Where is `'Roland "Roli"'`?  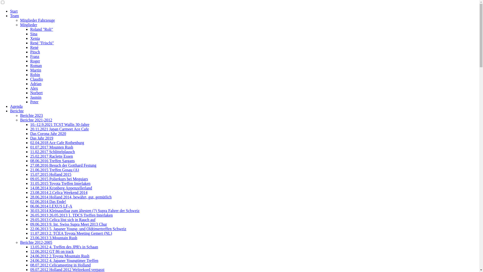 'Roland "Roli"' is located at coordinates (42, 29).